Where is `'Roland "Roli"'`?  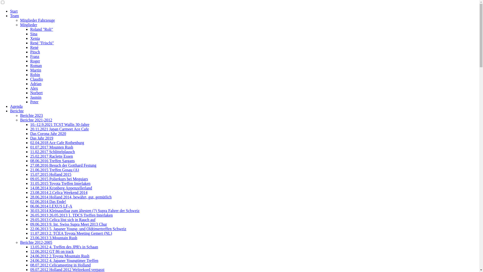 'Roland "Roli"' is located at coordinates (42, 29).